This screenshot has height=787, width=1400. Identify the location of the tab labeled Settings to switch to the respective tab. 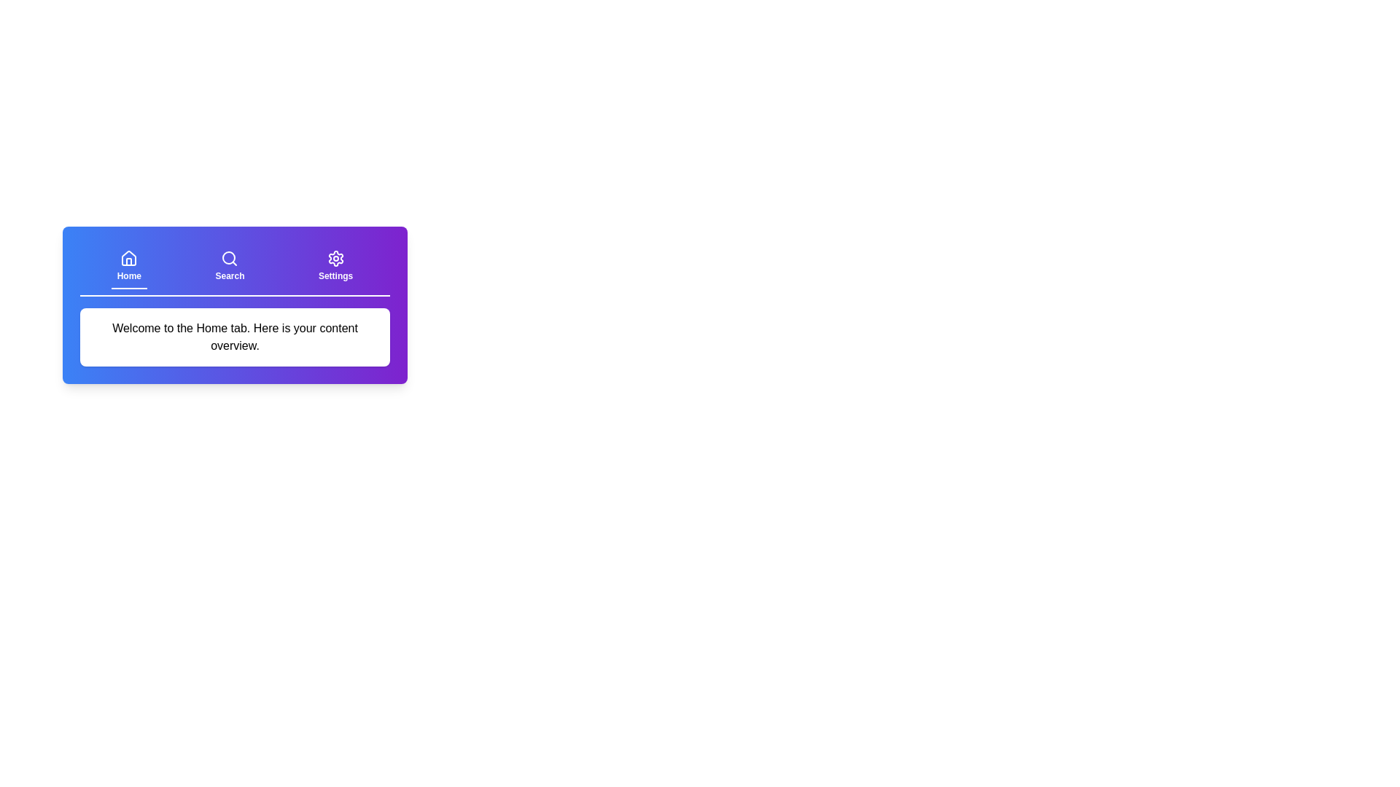
(335, 267).